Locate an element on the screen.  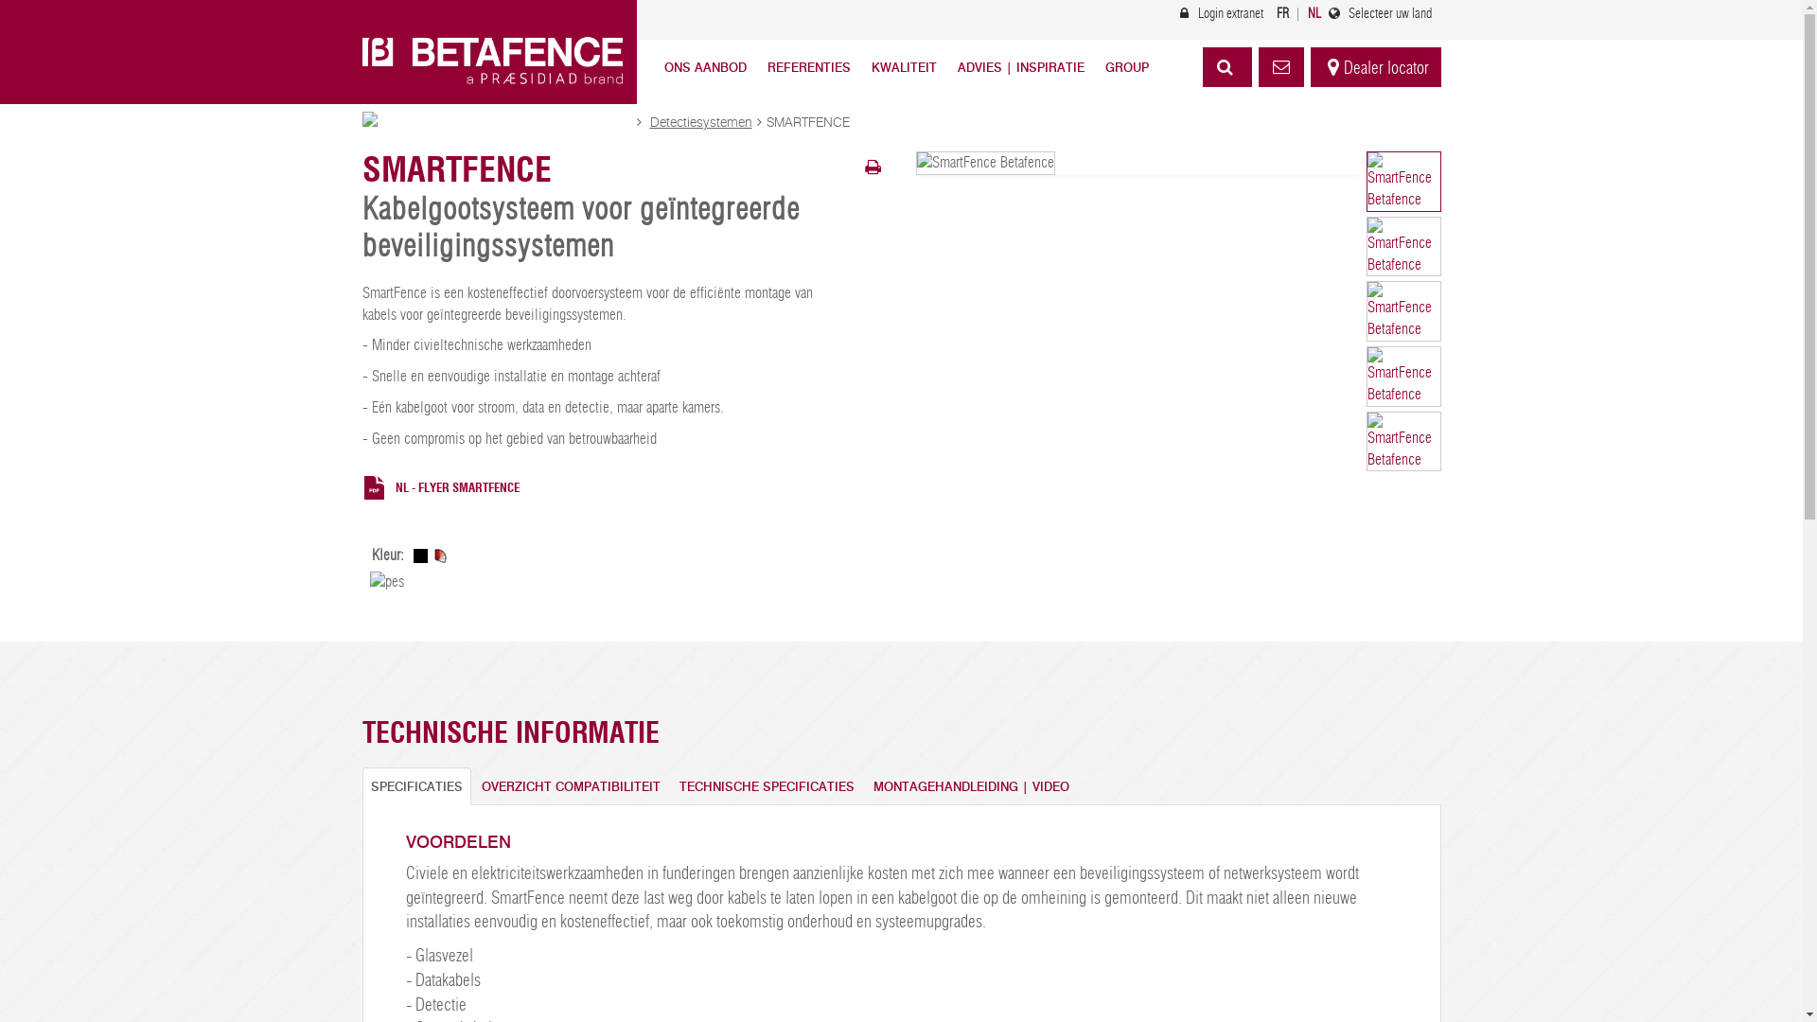
'Dealer locator' is located at coordinates (1308, 65).